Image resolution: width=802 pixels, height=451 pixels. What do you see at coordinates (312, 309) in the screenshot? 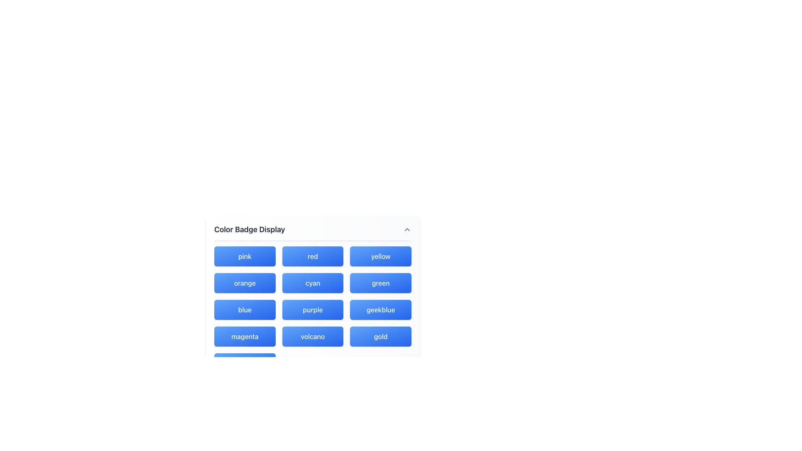
I see `the second badge in the fourth row of the Color Badge Display, which is centrally positioned in its row` at bounding box center [312, 309].